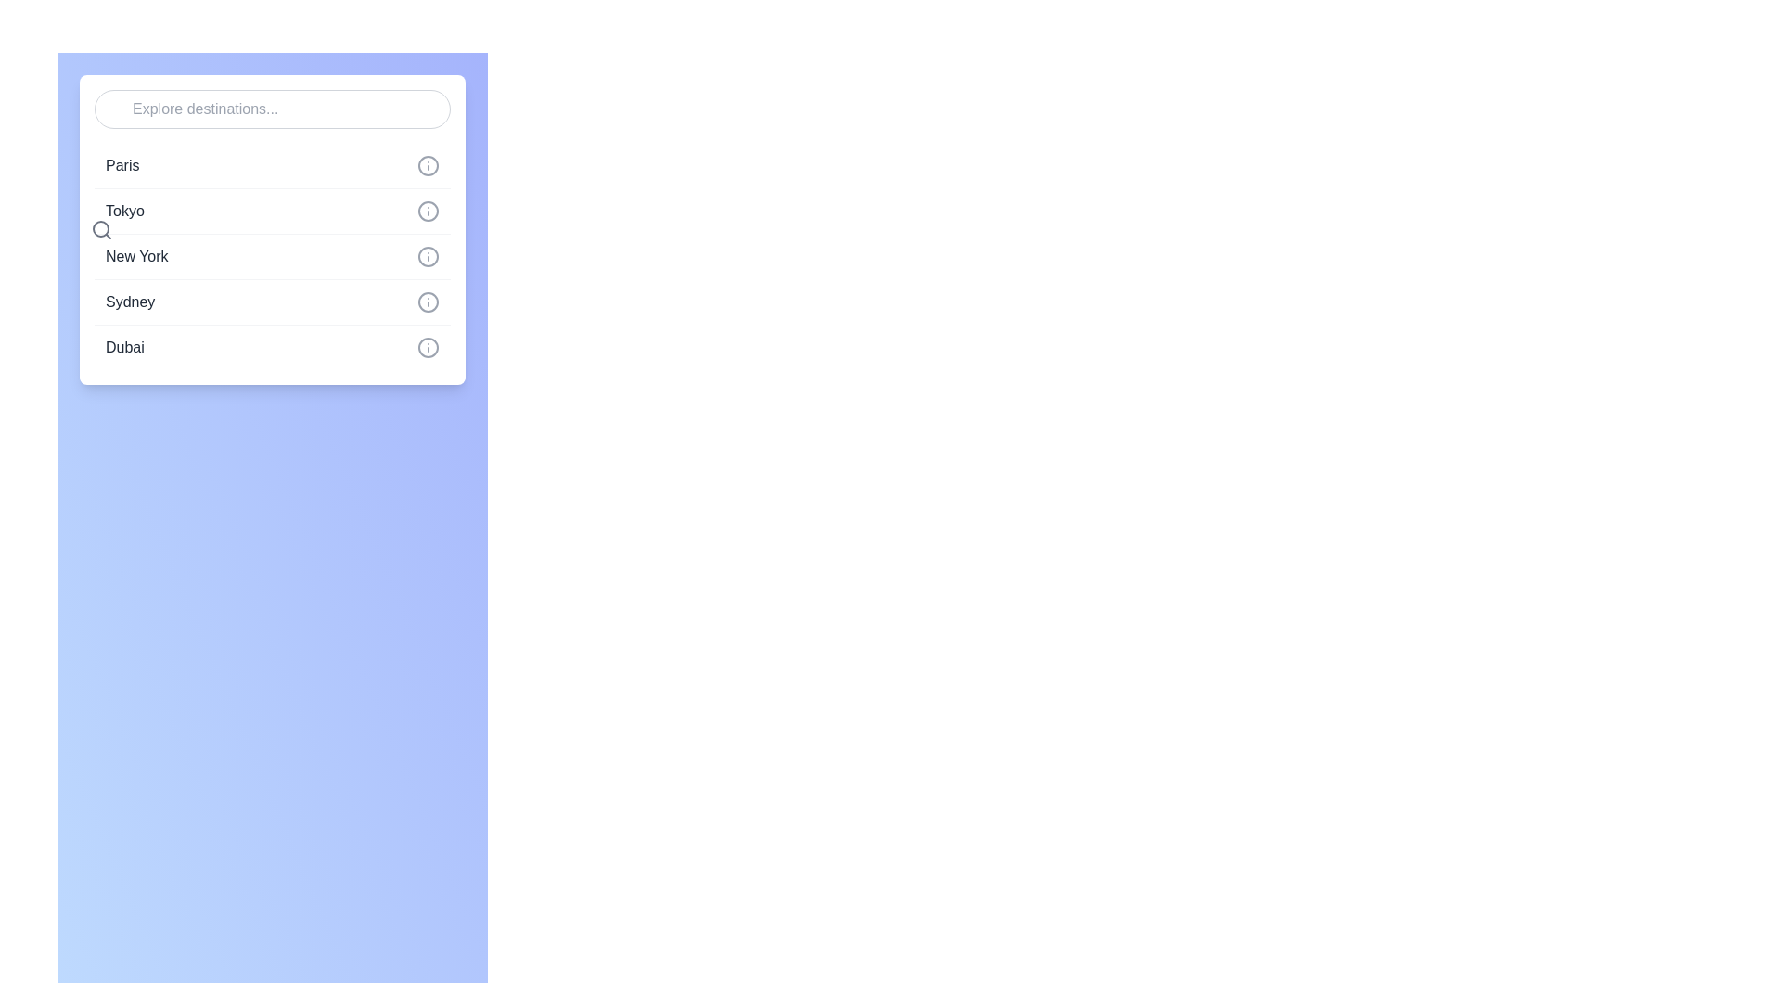  I want to click on the city name in the vertically aligned list of city names ('Paris', 'Tokyo', 'New York', 'Sydney', 'Dubai'), so click(271, 228).